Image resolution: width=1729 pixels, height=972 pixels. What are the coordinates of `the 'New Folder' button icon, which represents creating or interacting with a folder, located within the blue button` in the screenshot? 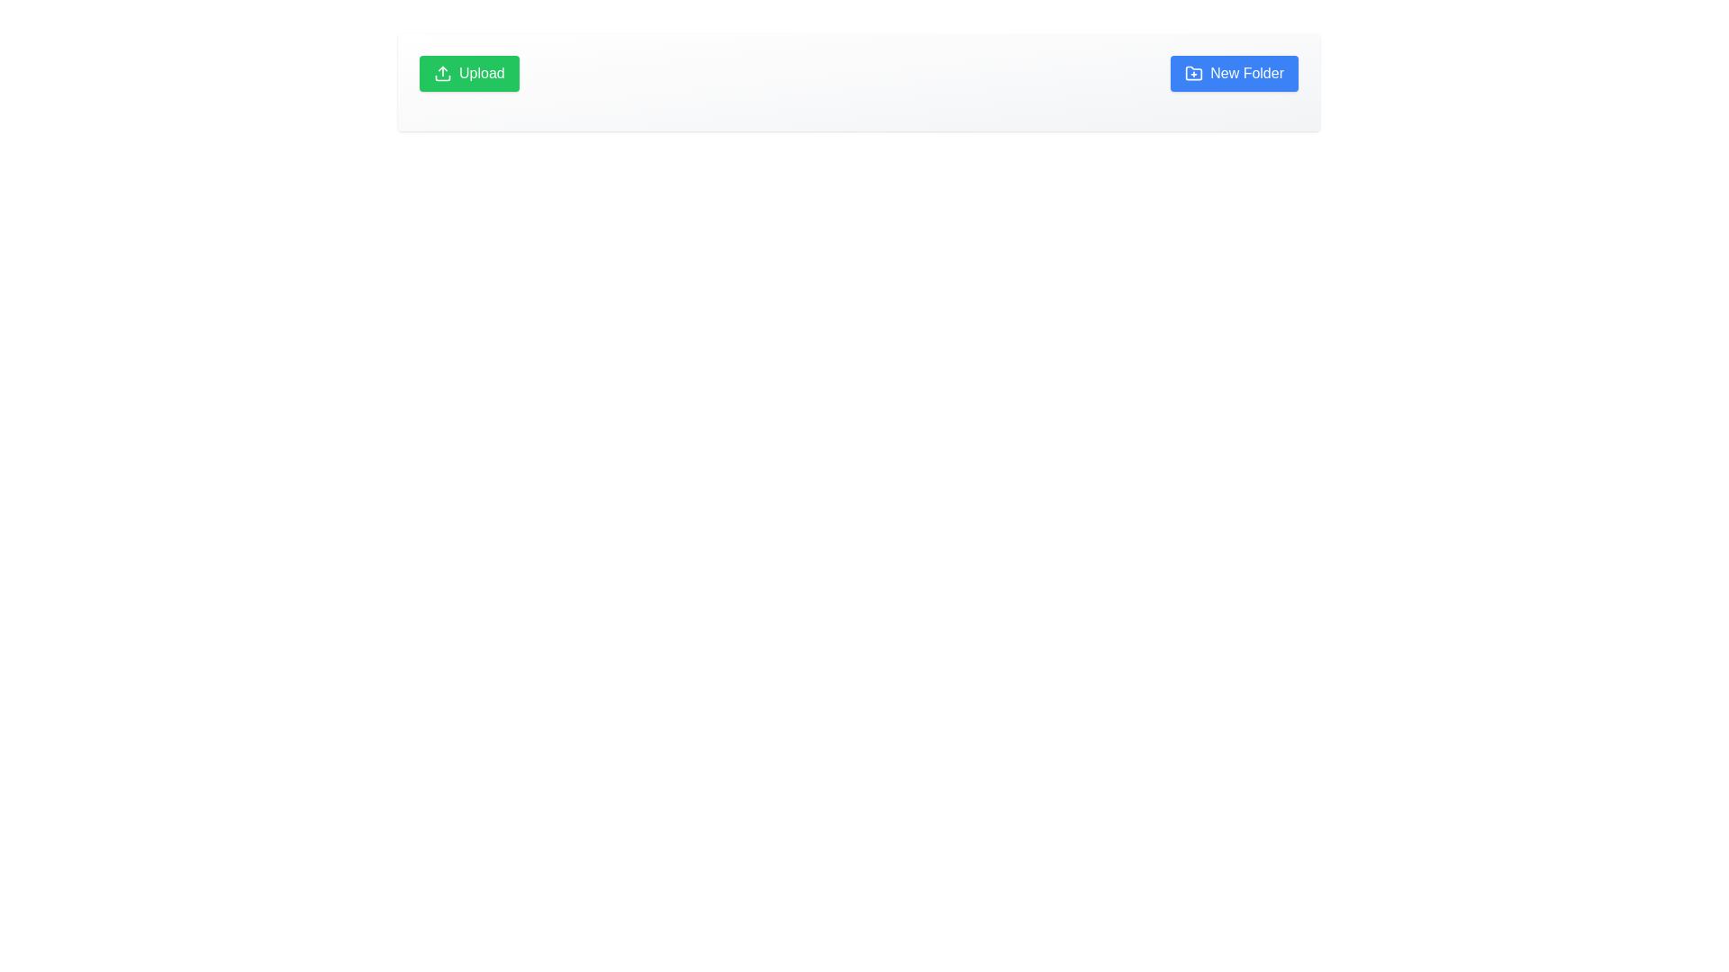 It's located at (1194, 72).